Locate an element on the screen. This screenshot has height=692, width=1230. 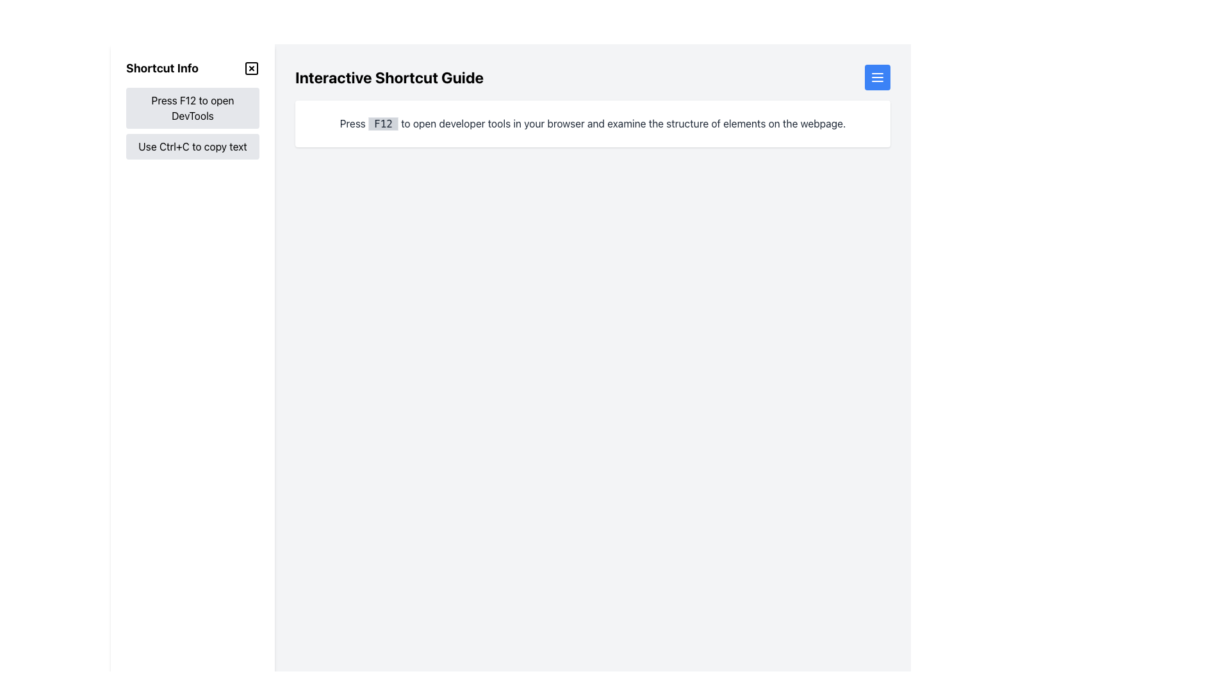
the SVG rectangle element representing the close or cancel icon in the top-right corner of the 'Shortcut Info' pane is located at coordinates (252, 69).